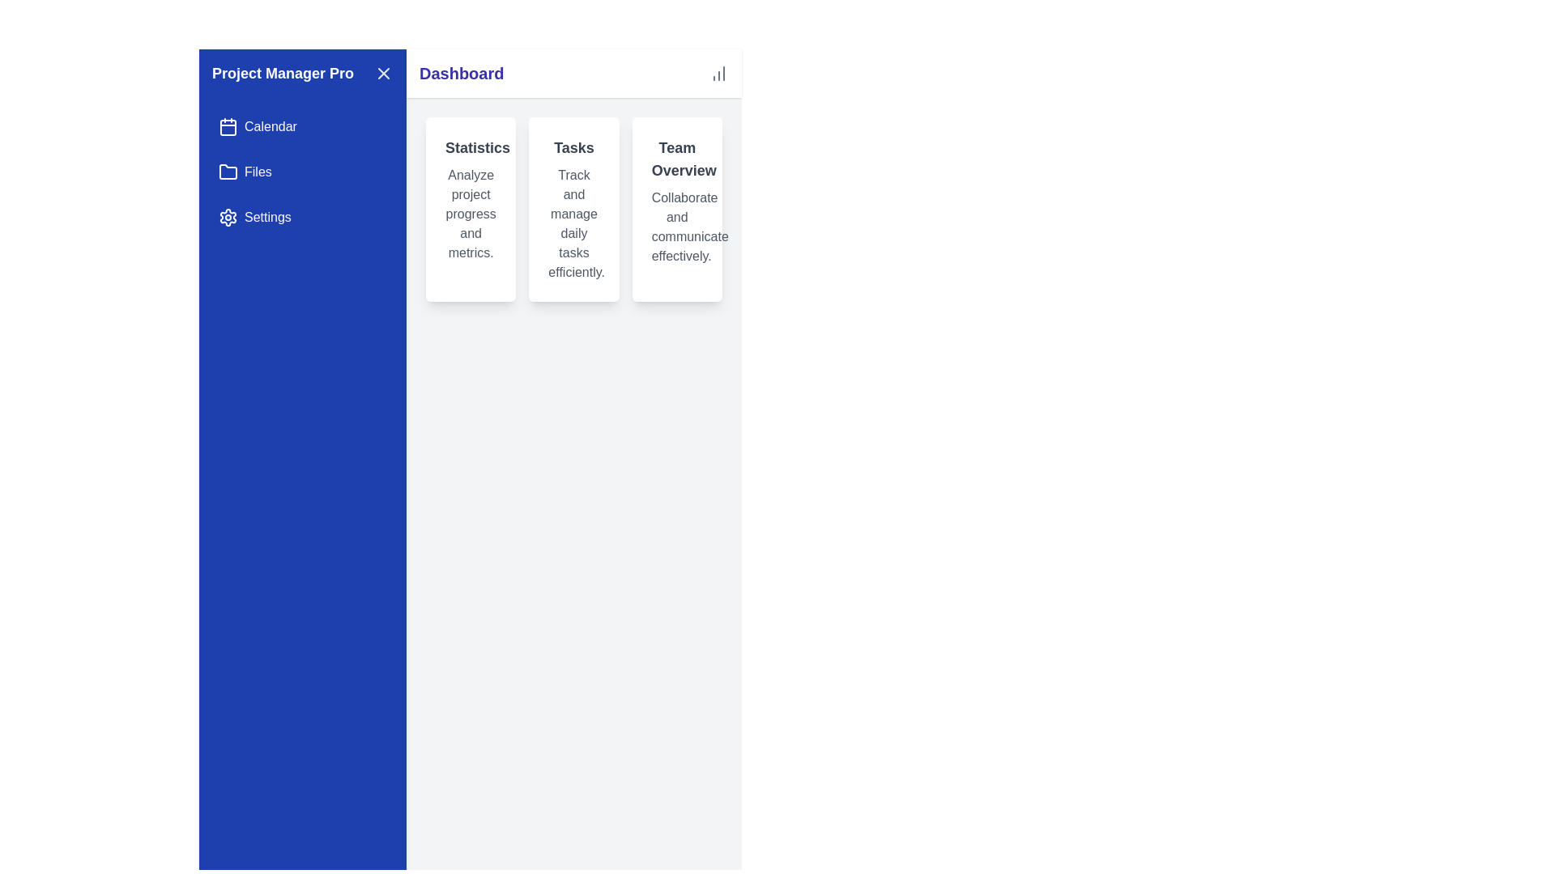 The height and width of the screenshot is (874, 1555). I want to click on the settings gear icon, which has a blue background and cogwheel design, so click(228, 217).